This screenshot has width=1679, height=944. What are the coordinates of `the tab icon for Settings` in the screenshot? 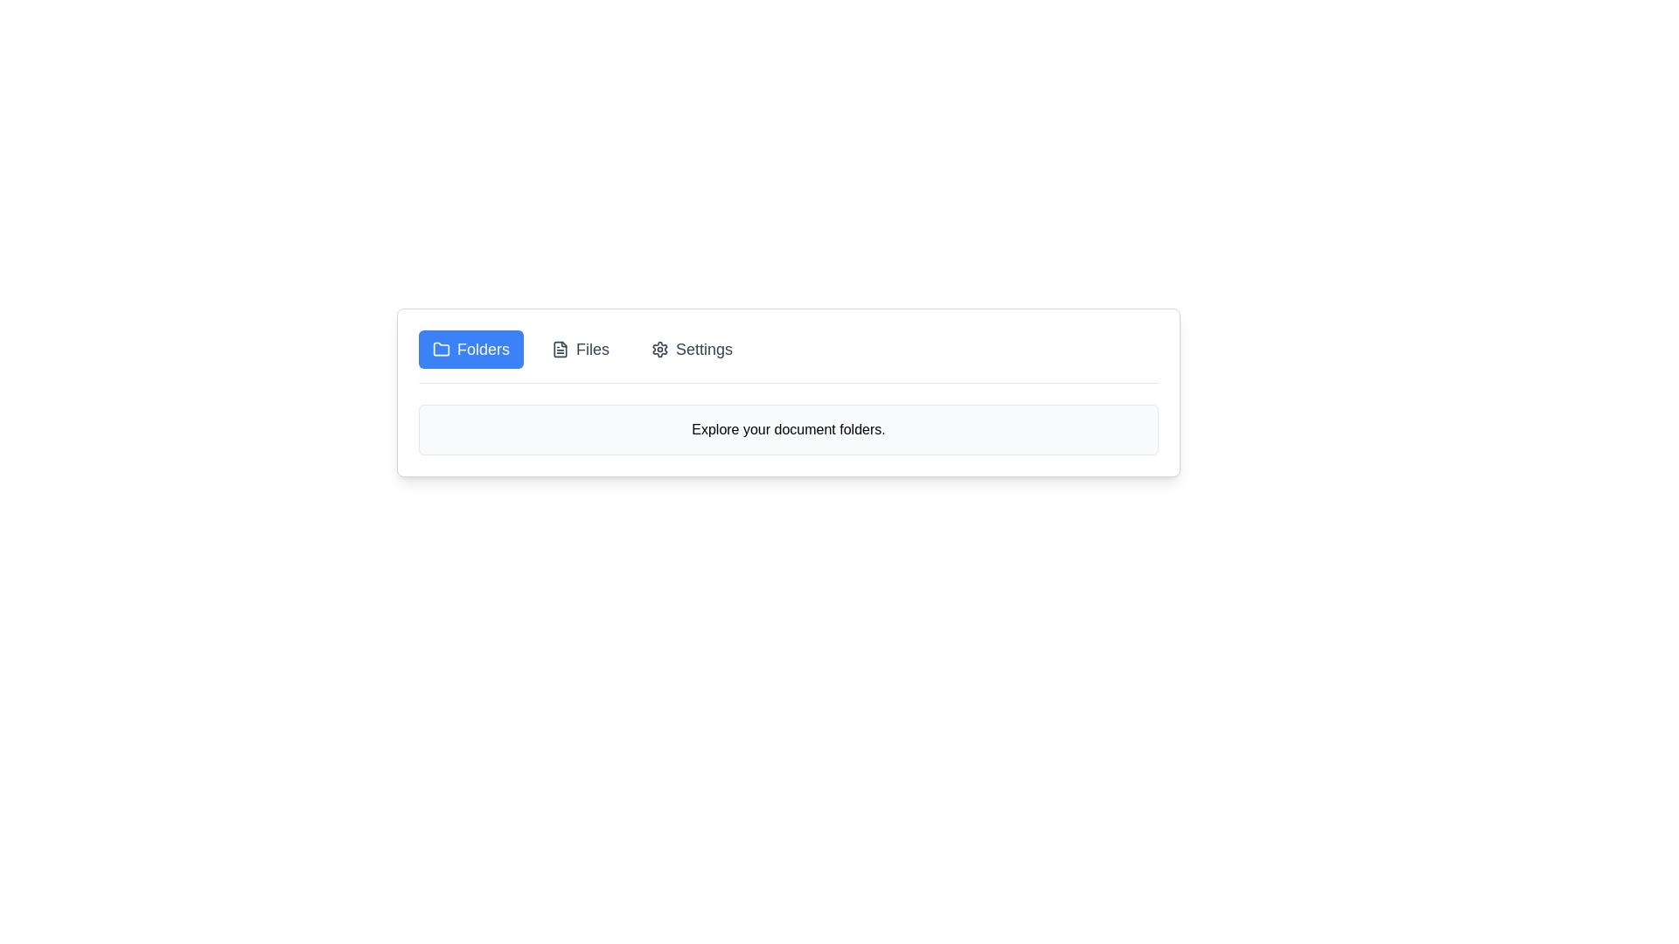 It's located at (658, 350).